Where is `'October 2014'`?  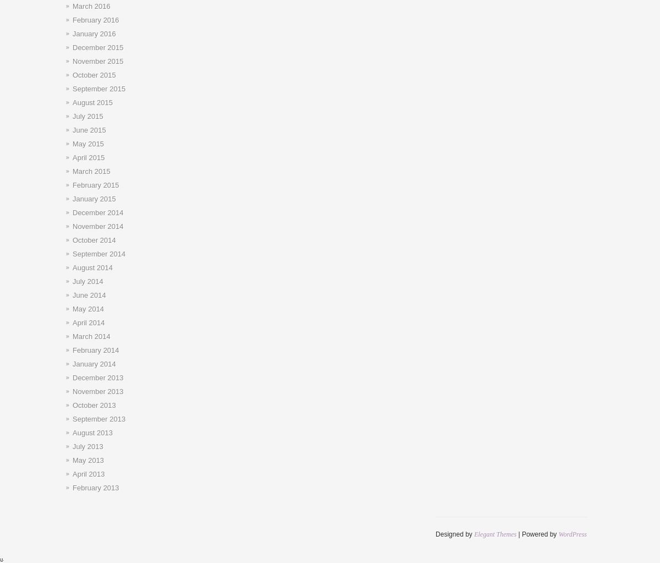
'October 2014' is located at coordinates (93, 239).